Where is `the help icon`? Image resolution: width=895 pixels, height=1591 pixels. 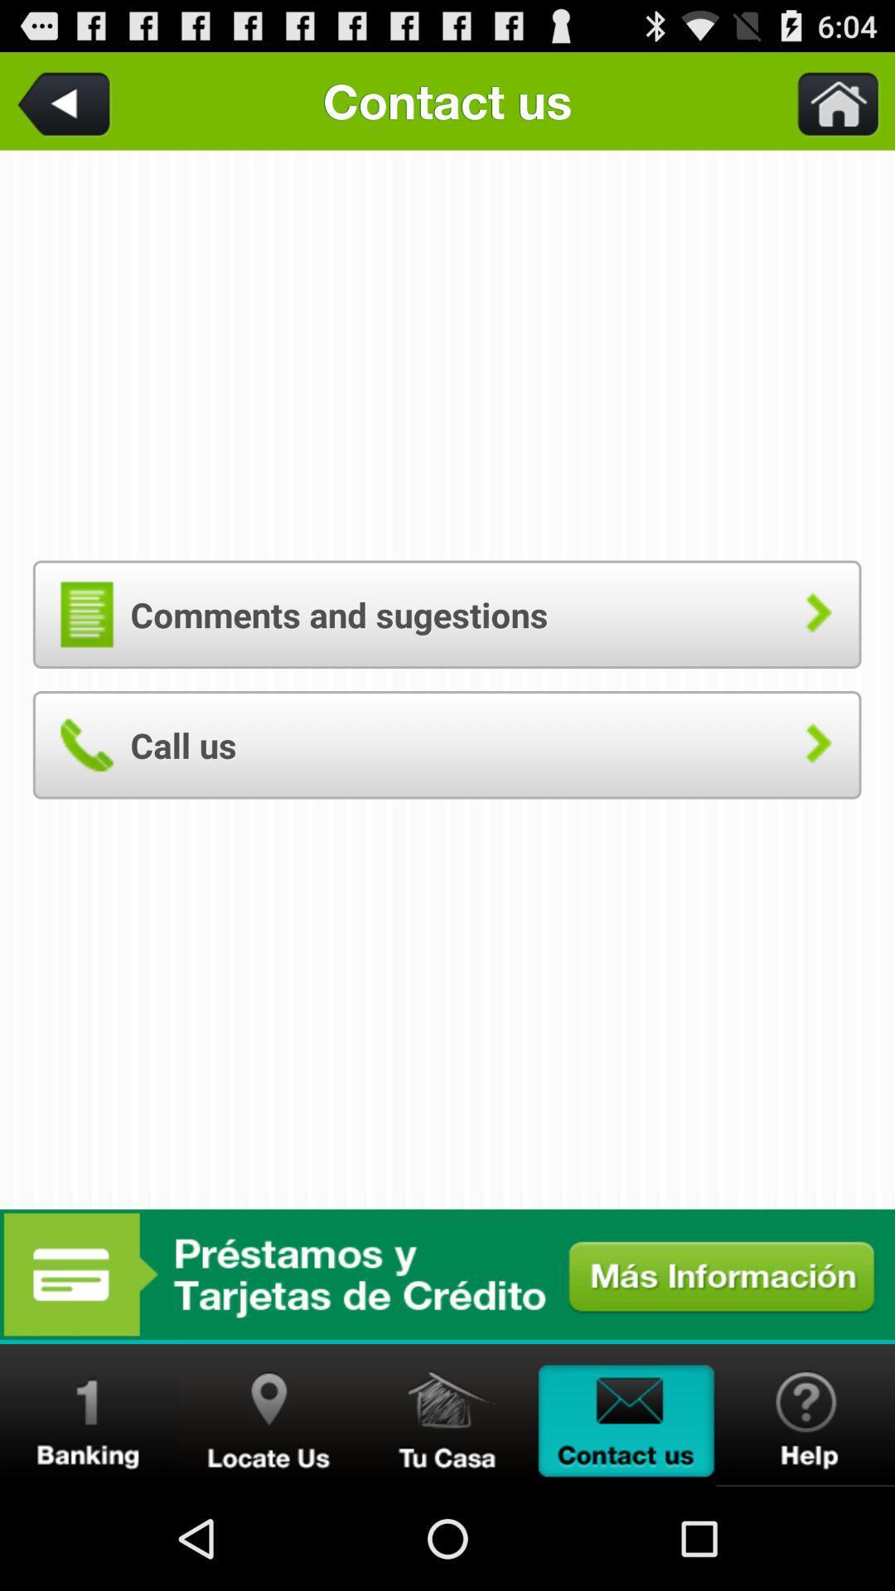
the help icon is located at coordinates (805, 1515).